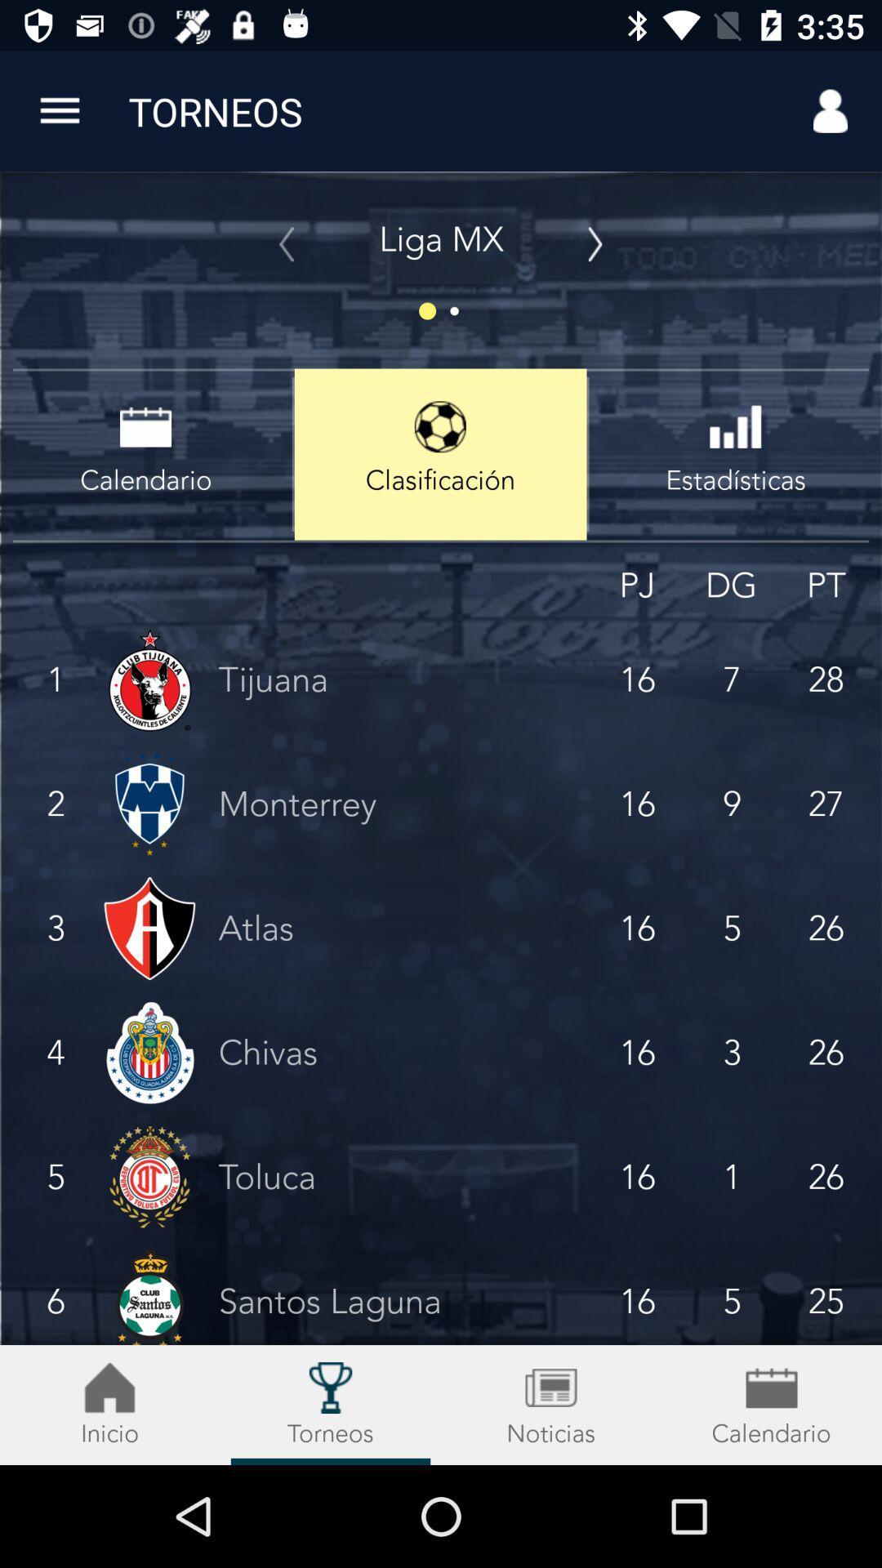 This screenshot has width=882, height=1568. I want to click on the arrow_backward icon, so click(286, 243).